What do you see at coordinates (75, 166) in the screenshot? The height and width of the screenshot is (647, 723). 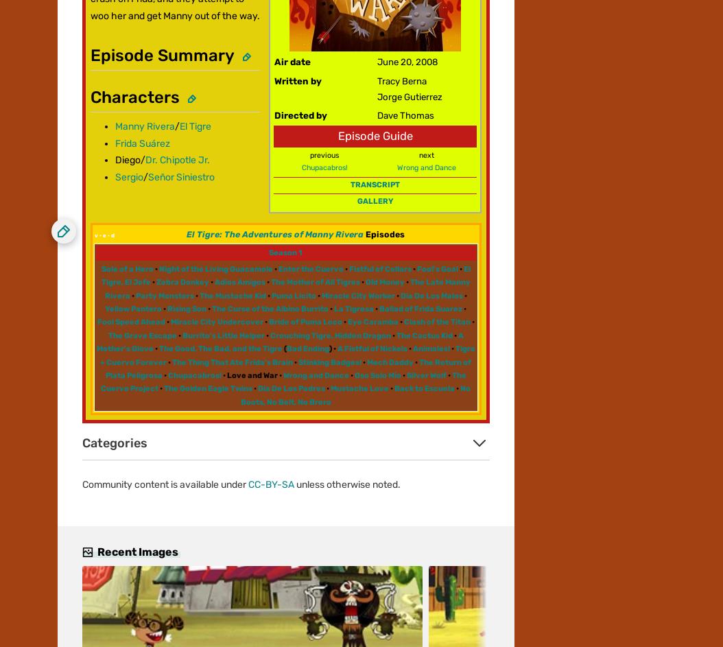 I see `'Contact'` at bounding box center [75, 166].